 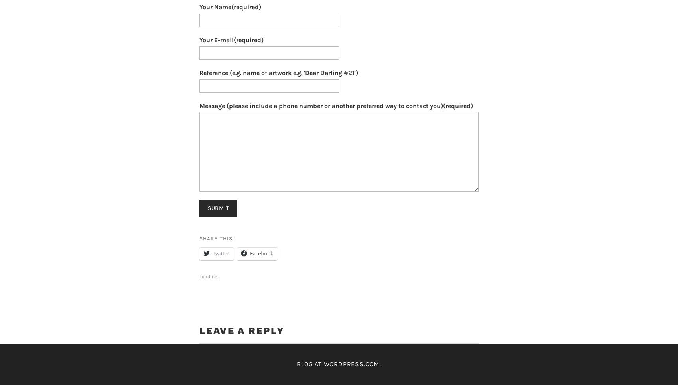 I want to click on 'Message (please include a phone number or another preferred way to contact you)', so click(x=199, y=105).